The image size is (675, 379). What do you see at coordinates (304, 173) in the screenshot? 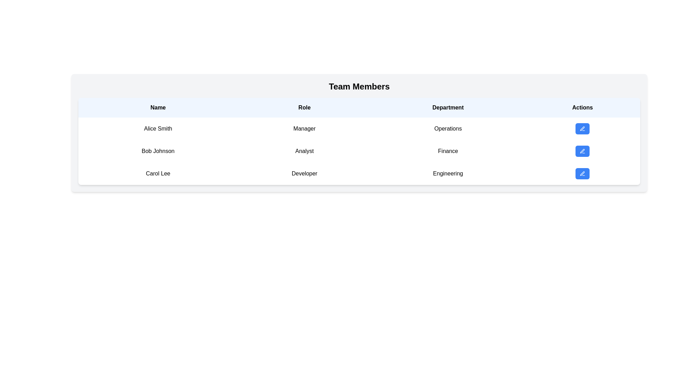
I see `the text label displaying 'Developer' which is located in the second column of the third row within the 'Team Members' tabular layout` at bounding box center [304, 173].